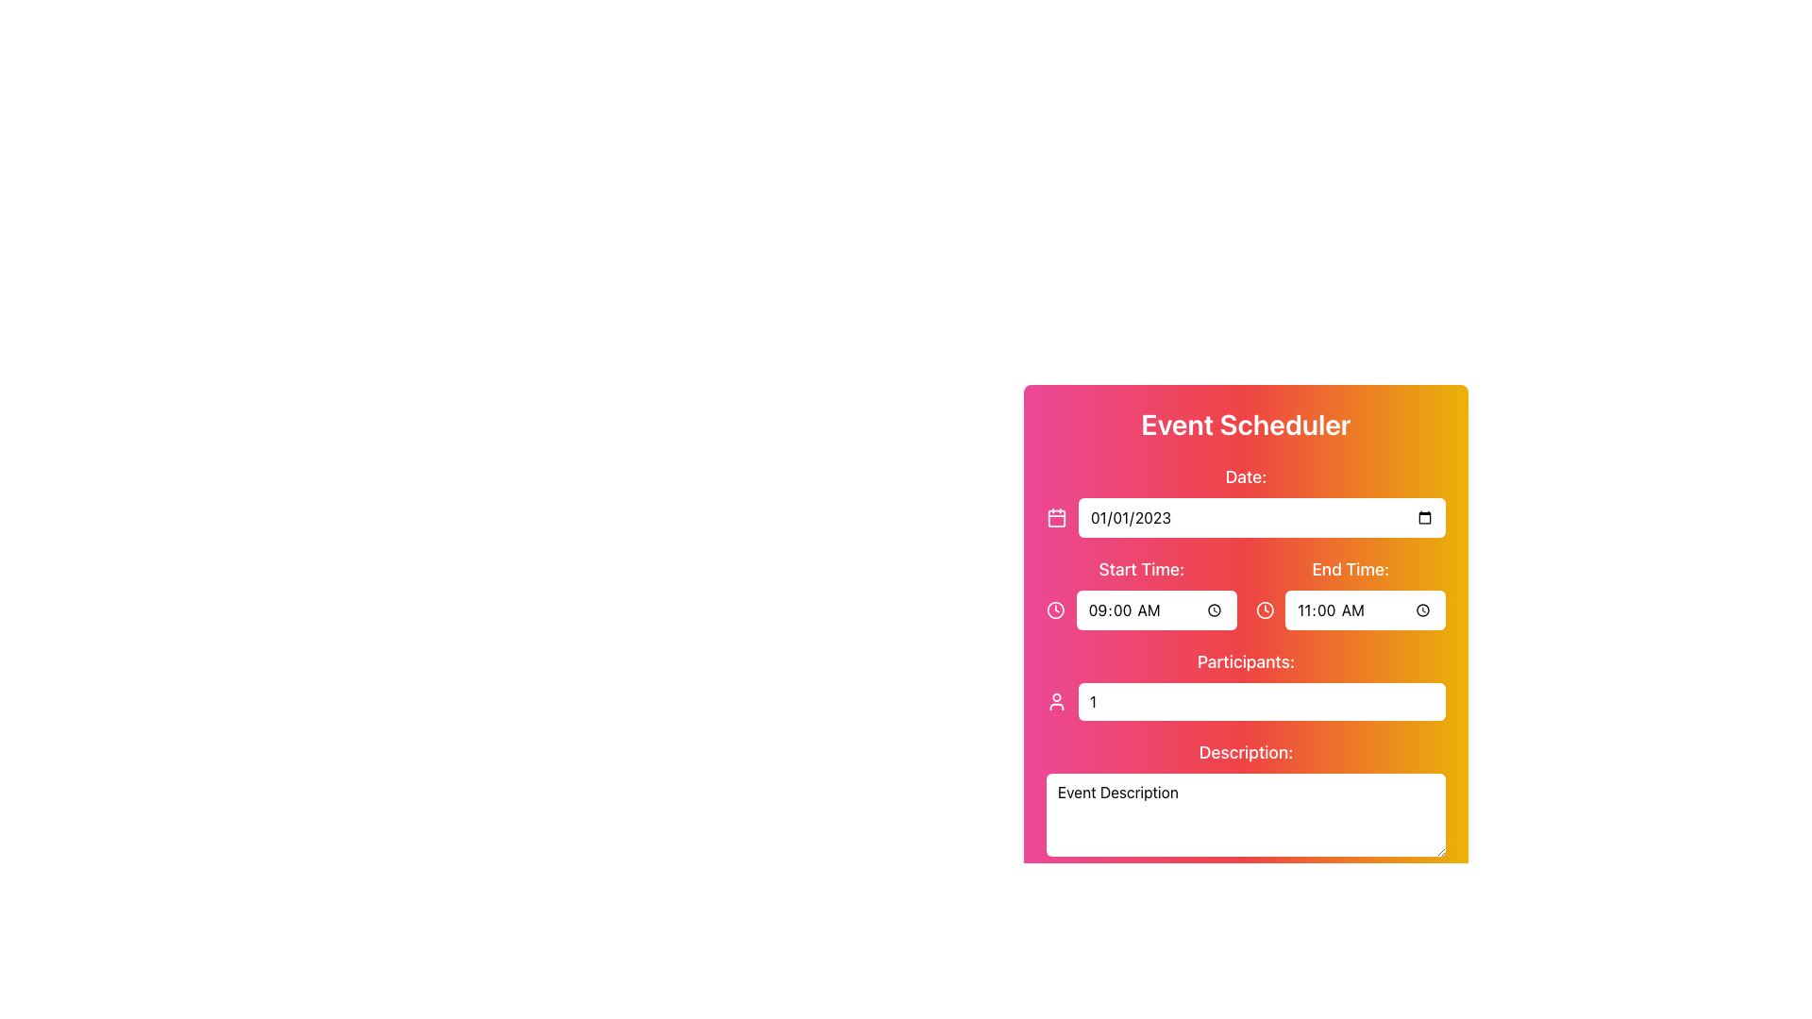 The width and height of the screenshot is (1812, 1019). Describe the element at coordinates (1350, 592) in the screenshot. I see `the Text Label indicating the end time of an event, positioned beneath the 'Start Time:' field` at that location.